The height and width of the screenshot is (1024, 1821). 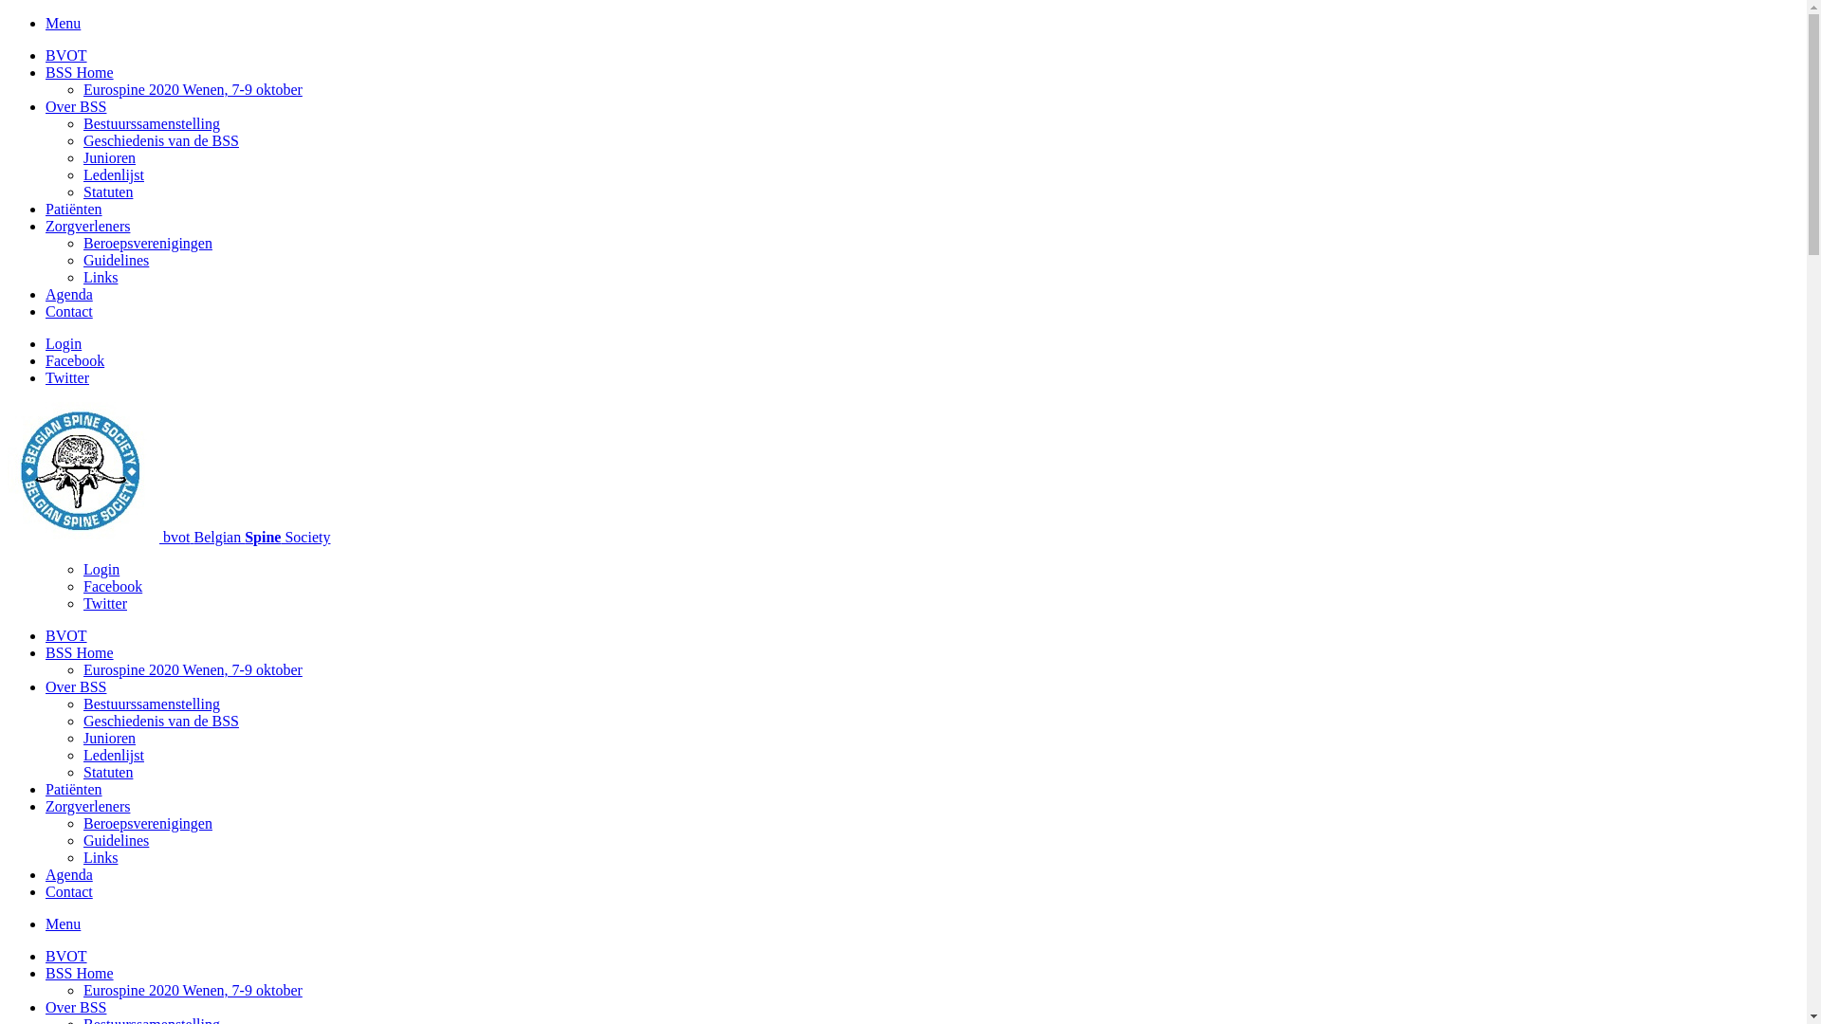 I want to click on 'Geschiedenis van de BSS', so click(x=160, y=721).